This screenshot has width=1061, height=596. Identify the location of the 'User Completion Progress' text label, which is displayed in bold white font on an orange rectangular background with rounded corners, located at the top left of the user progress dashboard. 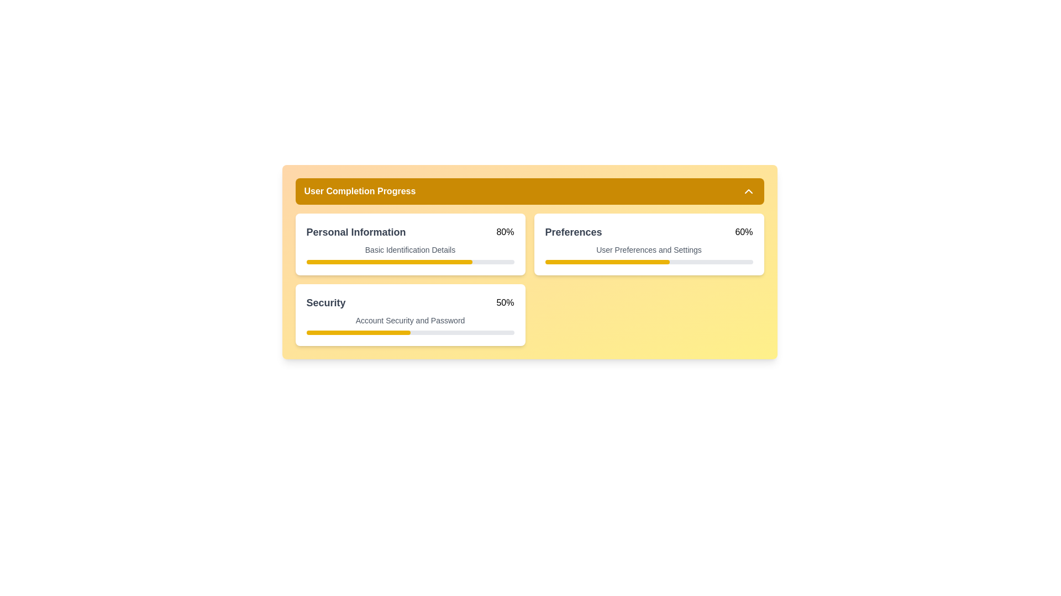
(360, 191).